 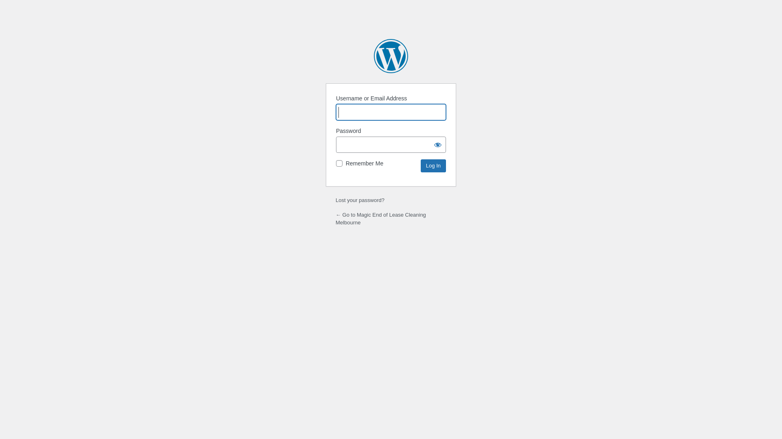 What do you see at coordinates (336, 200) in the screenshot?
I see `'Lost your password?'` at bounding box center [336, 200].